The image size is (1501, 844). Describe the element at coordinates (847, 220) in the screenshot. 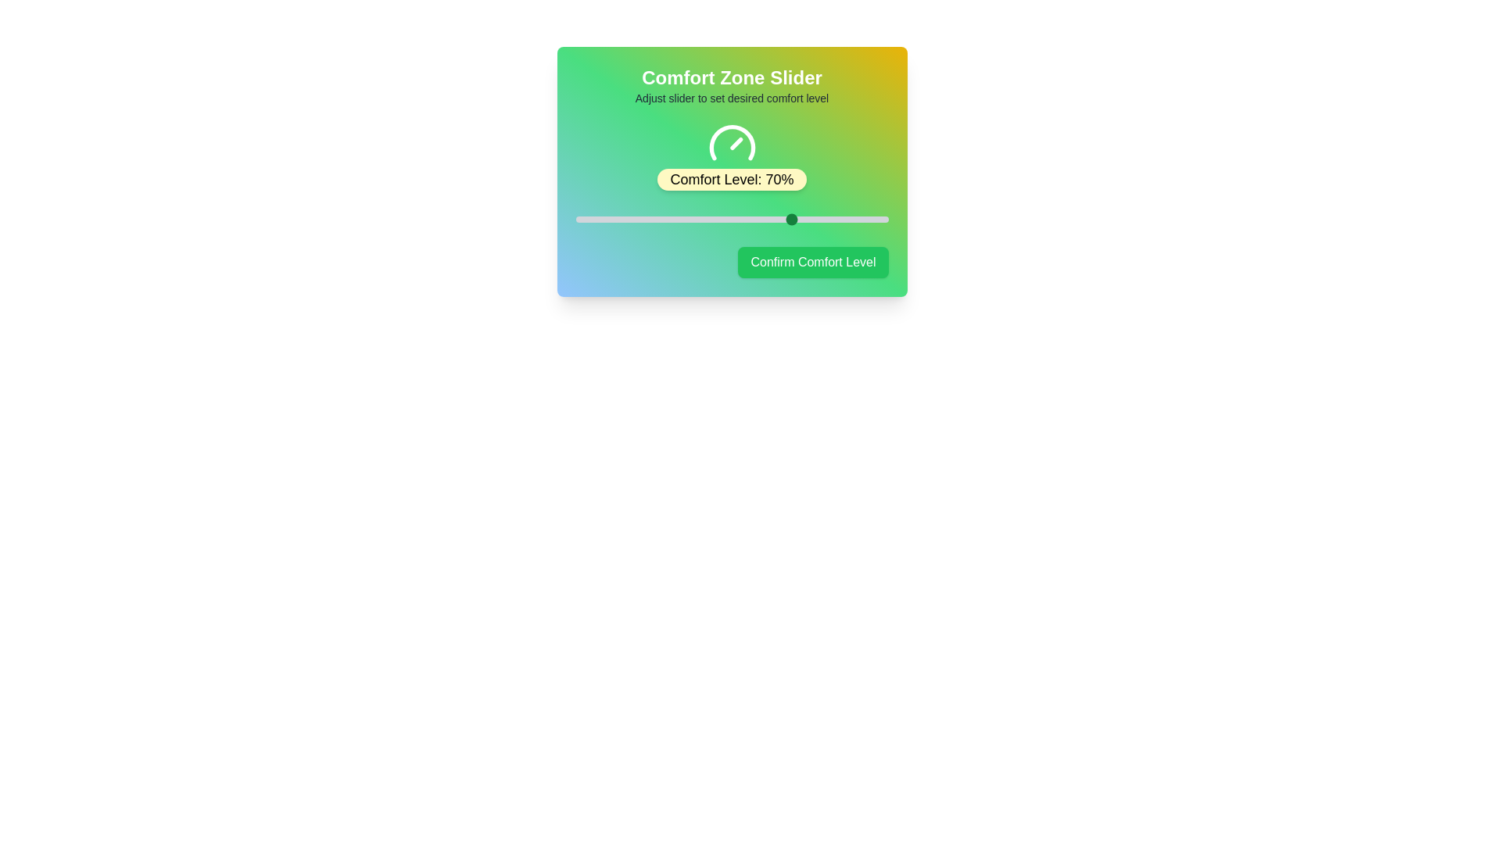

I see `the slider to set the comfort level to 87` at that location.